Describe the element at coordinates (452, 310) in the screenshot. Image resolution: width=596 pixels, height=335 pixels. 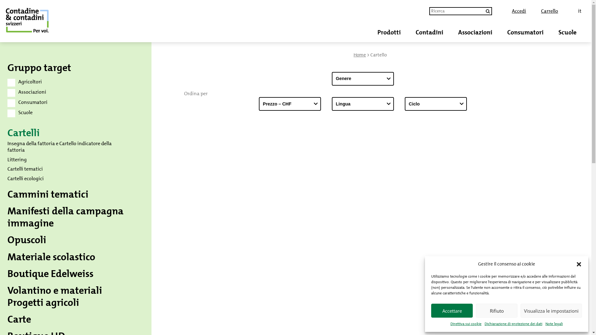
I see `'Accettare'` at that location.